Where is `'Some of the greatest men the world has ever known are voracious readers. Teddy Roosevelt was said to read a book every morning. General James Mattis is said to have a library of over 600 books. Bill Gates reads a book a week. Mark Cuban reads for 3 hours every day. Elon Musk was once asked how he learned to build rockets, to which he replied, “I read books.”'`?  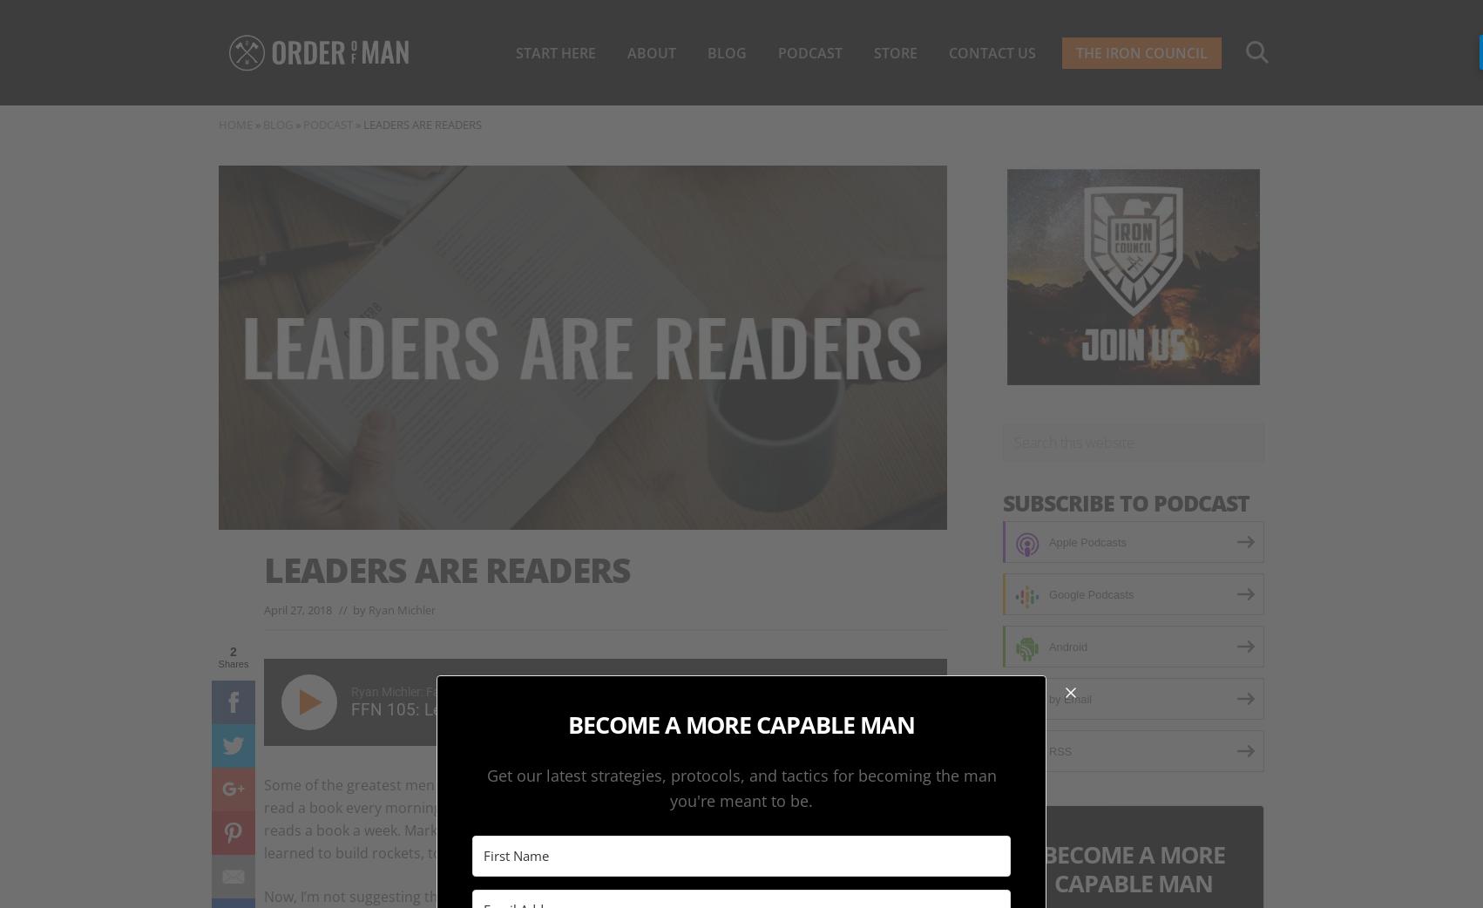 'Some of the greatest men the world has ever known are voracious readers. Teddy Roosevelt was said to read a book every morning. General James Mattis is said to have a library of over 600 books. Bill Gates reads a book a week. Mark Cuban reads for 3 hours every day. Elon Musk was once asked how he learned to build rockets, to which he replied, “I read books.”' is located at coordinates (263, 817).